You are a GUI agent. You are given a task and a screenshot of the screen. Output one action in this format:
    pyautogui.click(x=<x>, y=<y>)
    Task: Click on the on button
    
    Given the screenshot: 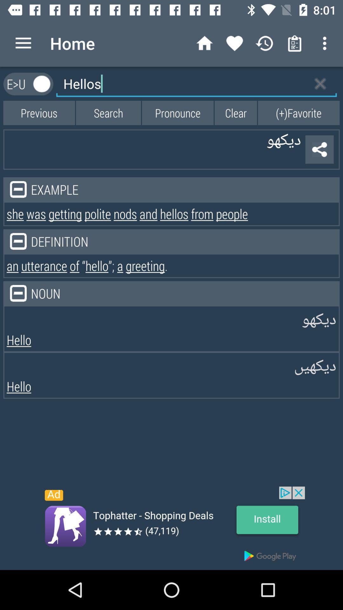 What is the action you would take?
    pyautogui.click(x=42, y=84)
    